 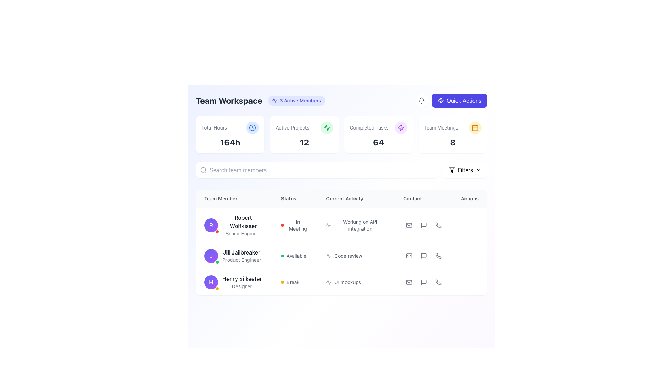 I want to click on the status indicator text label for team member 'Robert Wolfkisser' by navigating to its location in the 'Team Workspace' interface, so click(x=295, y=225).